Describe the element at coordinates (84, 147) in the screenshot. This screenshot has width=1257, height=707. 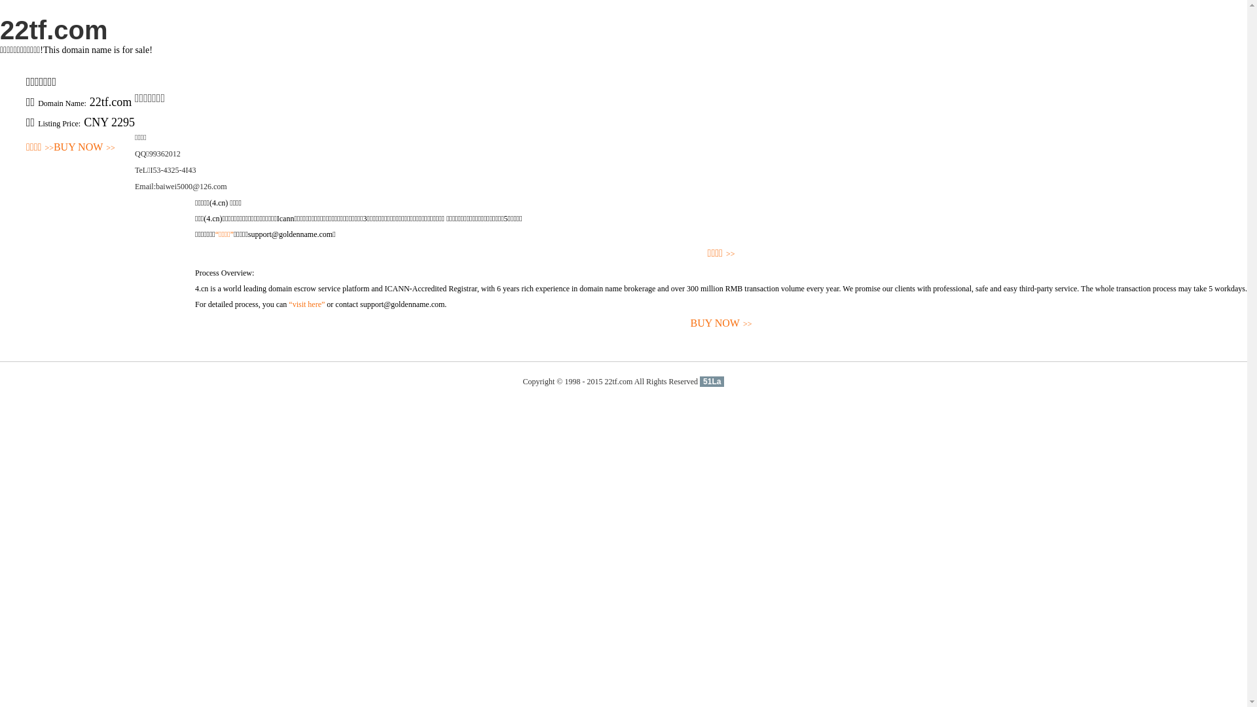
I see `'BUY NOW>>'` at that location.